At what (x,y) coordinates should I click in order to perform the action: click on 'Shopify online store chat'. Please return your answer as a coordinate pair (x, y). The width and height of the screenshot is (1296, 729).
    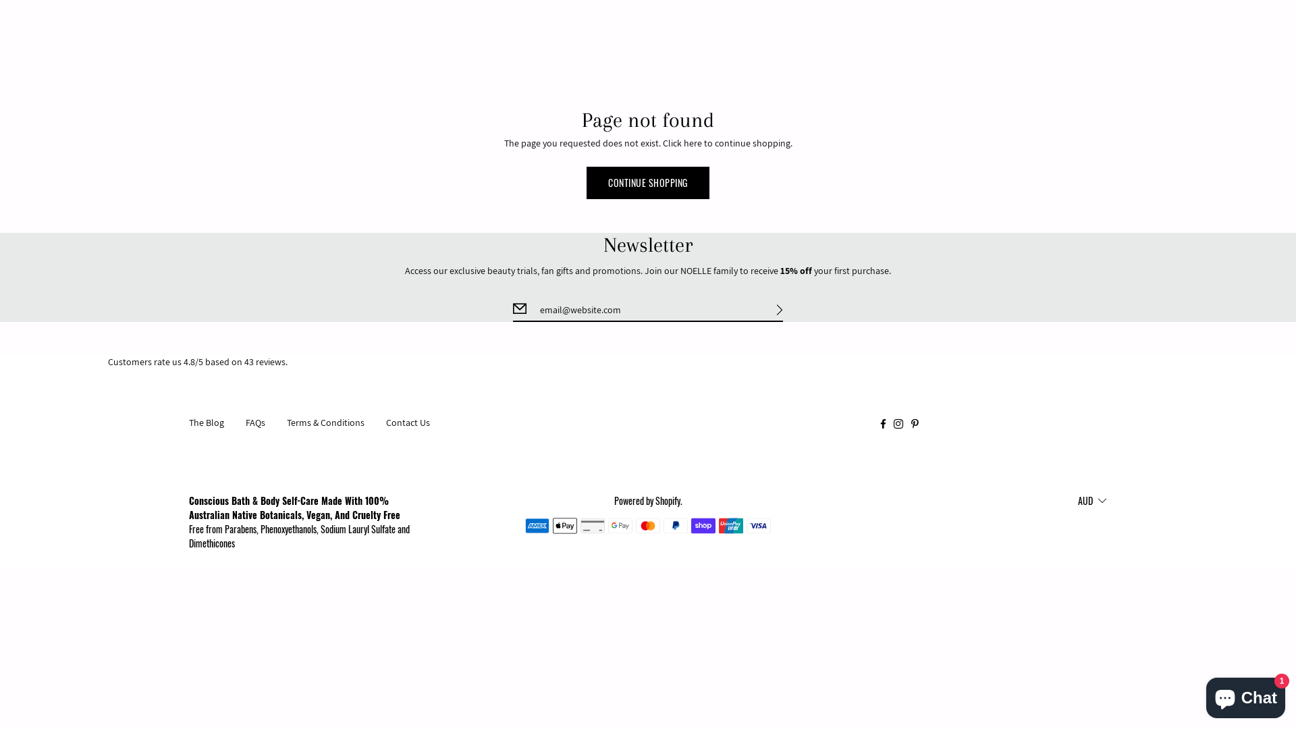
    Looking at the image, I should click on (1245, 695).